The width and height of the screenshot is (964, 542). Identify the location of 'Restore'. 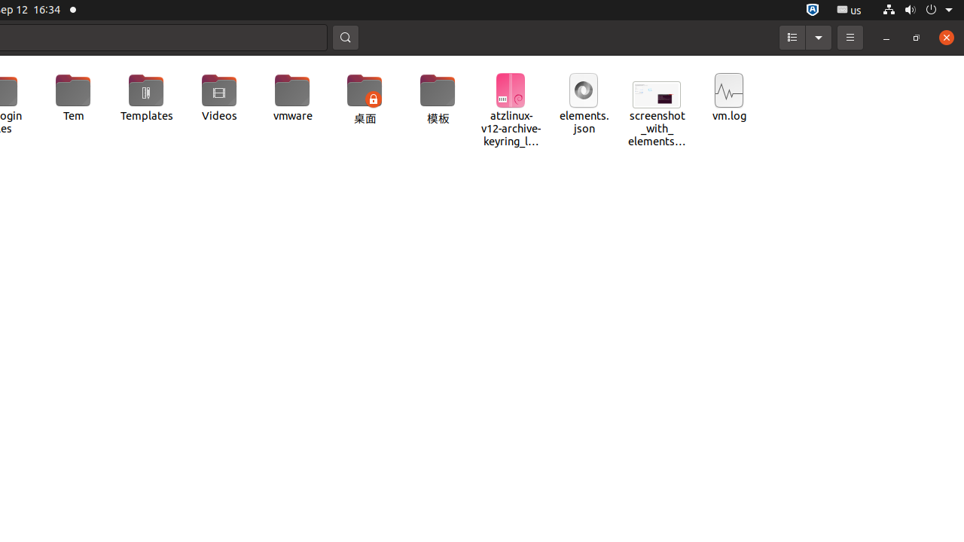
(916, 36).